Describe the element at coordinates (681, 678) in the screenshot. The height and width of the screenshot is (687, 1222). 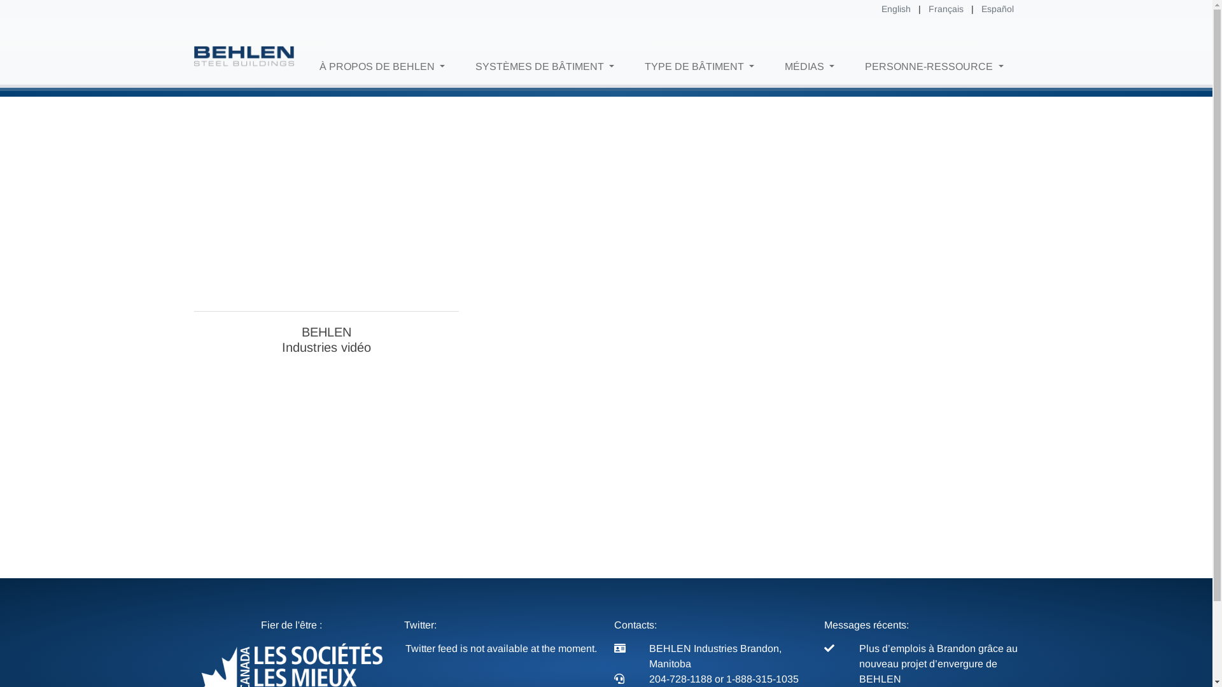
I see `'204-728-1188'` at that location.